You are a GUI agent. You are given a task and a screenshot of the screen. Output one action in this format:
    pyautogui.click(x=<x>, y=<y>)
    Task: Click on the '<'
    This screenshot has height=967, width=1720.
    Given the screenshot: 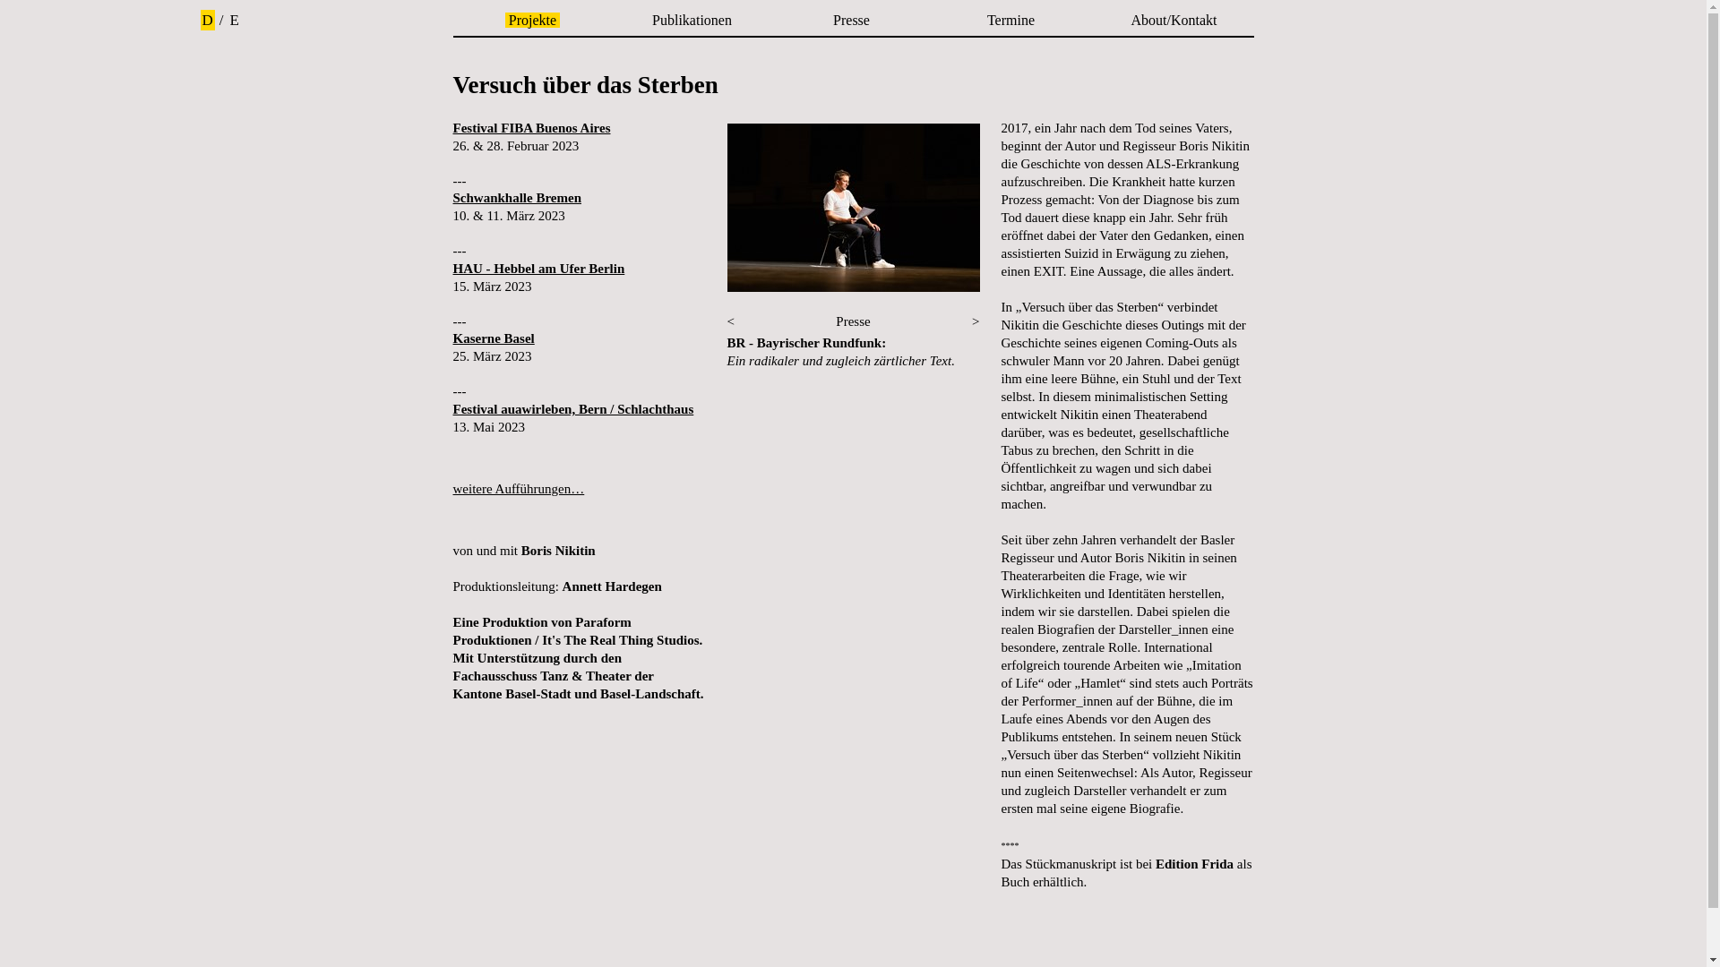 What is the action you would take?
    pyautogui.click(x=731, y=320)
    